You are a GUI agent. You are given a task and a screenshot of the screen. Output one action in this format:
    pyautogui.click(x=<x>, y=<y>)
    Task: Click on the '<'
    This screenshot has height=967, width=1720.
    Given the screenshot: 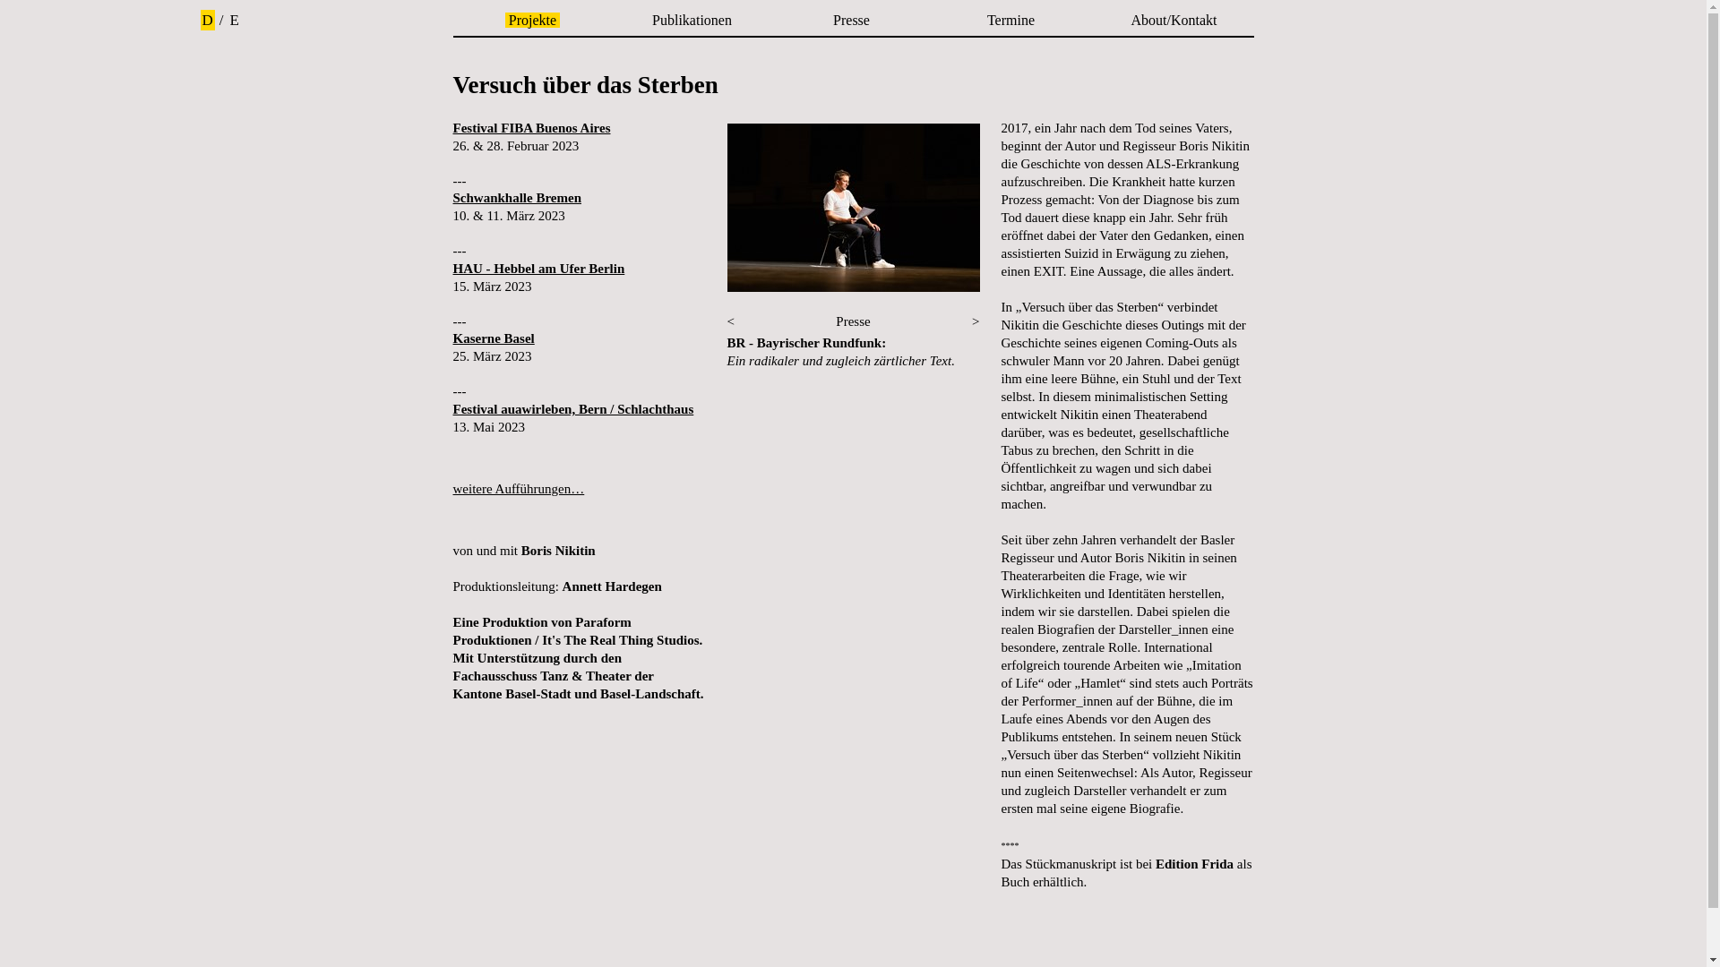 What is the action you would take?
    pyautogui.click(x=731, y=320)
    